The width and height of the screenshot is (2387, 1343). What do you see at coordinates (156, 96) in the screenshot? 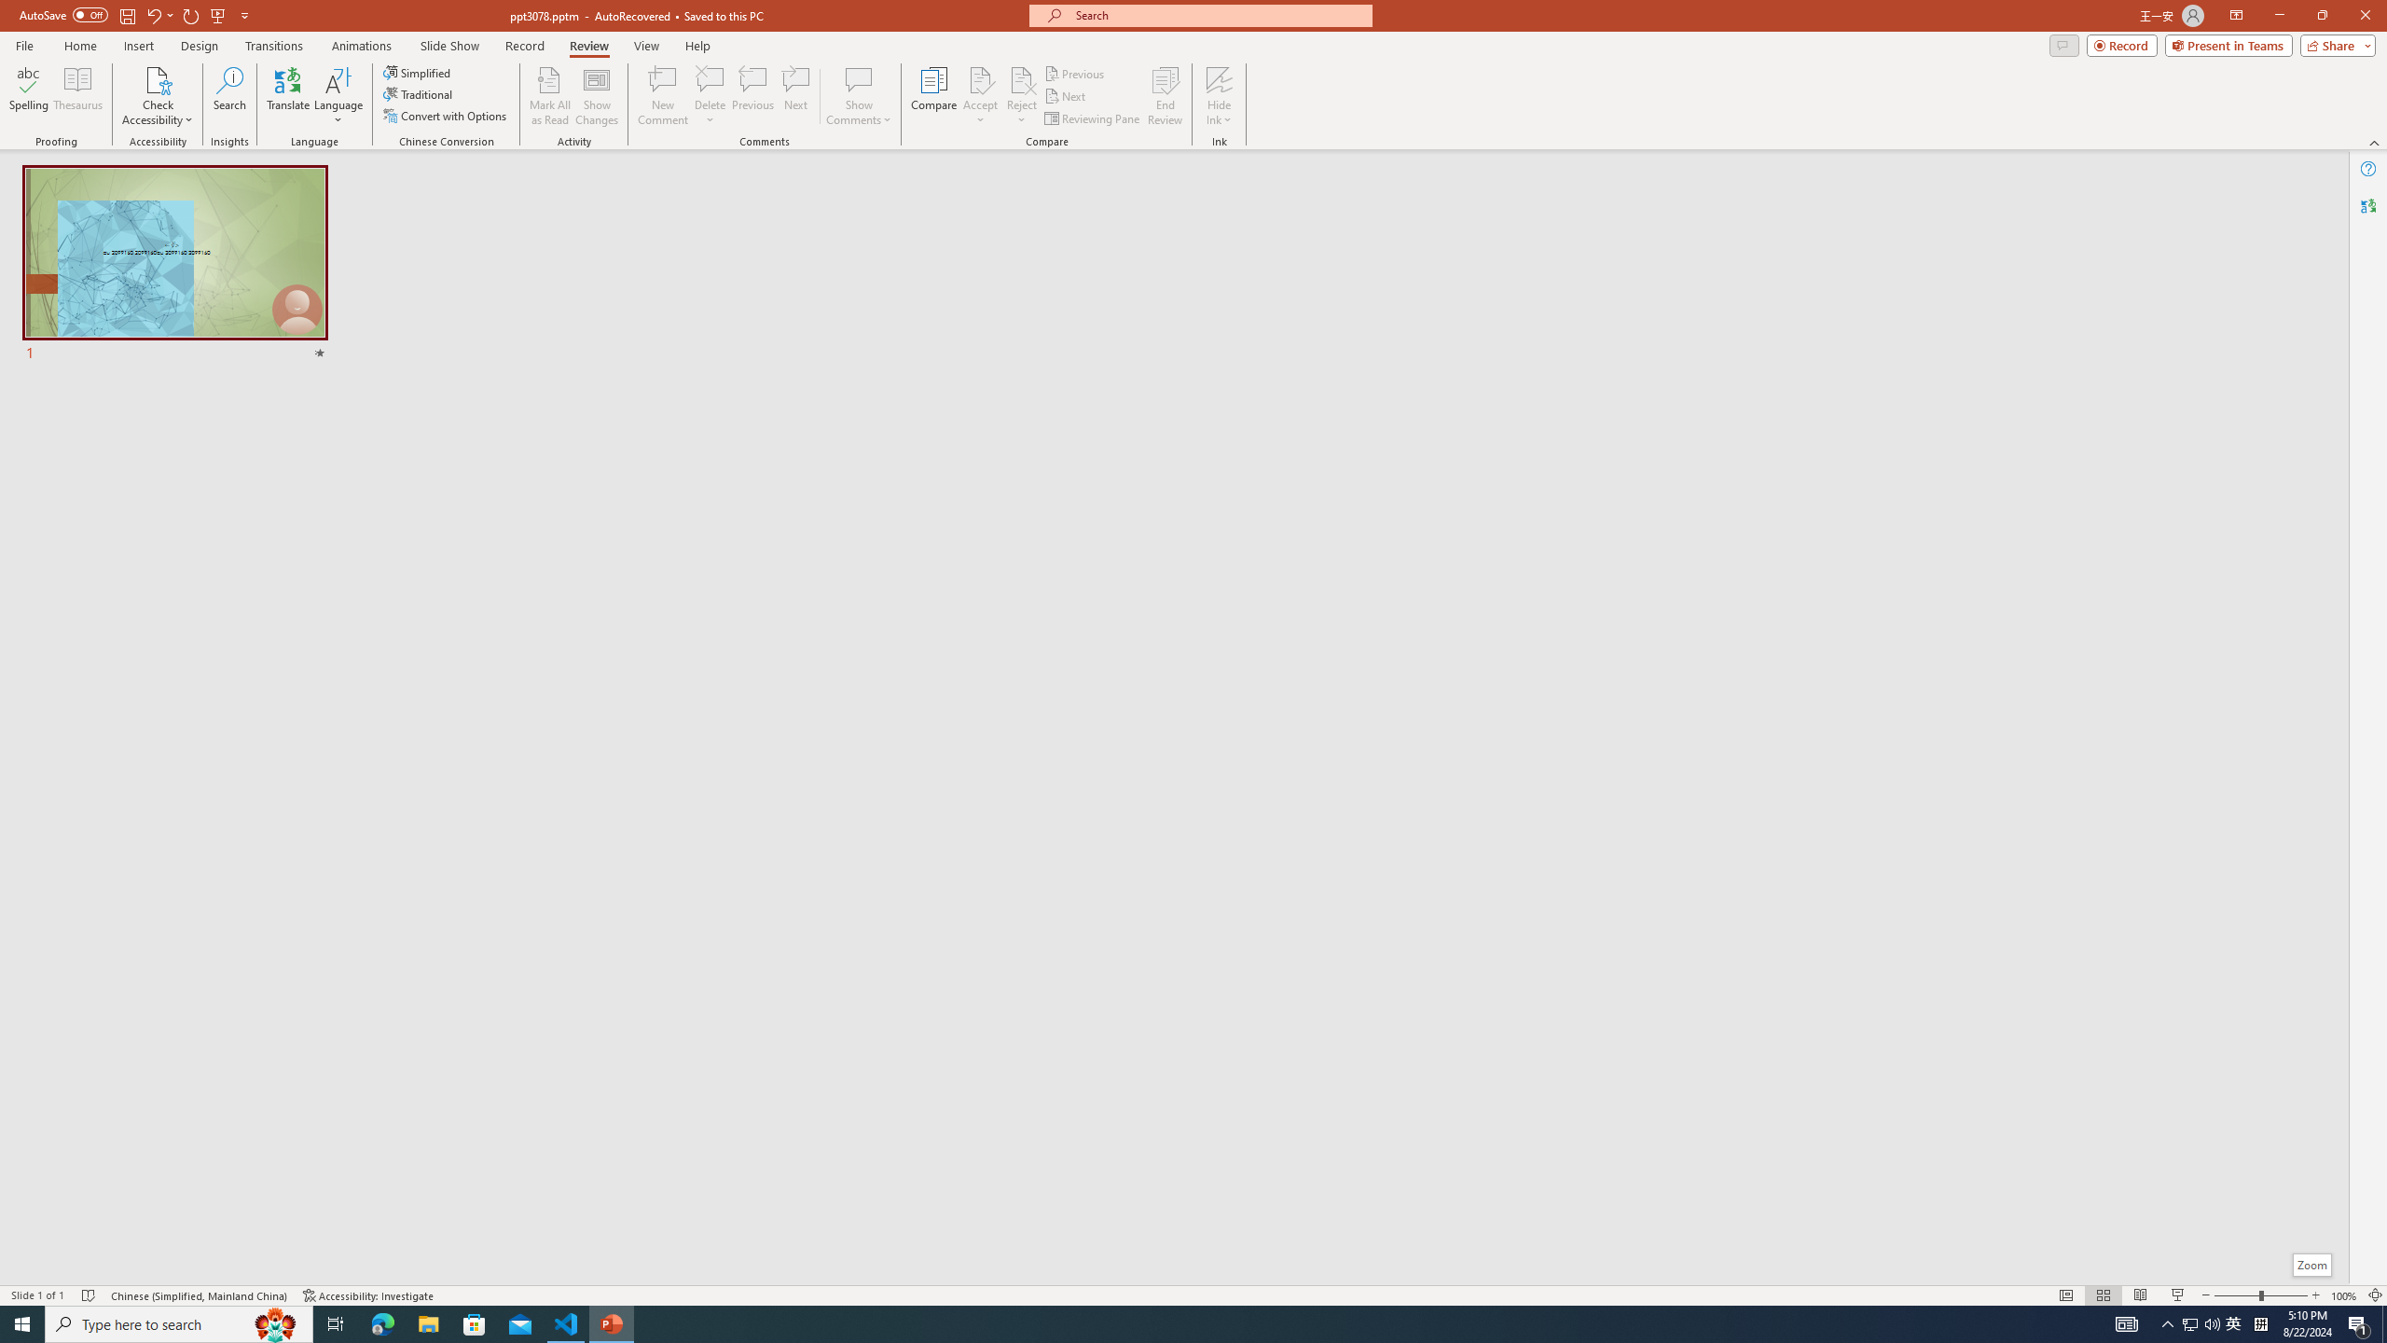
I see `'Check Accessibility'` at bounding box center [156, 96].